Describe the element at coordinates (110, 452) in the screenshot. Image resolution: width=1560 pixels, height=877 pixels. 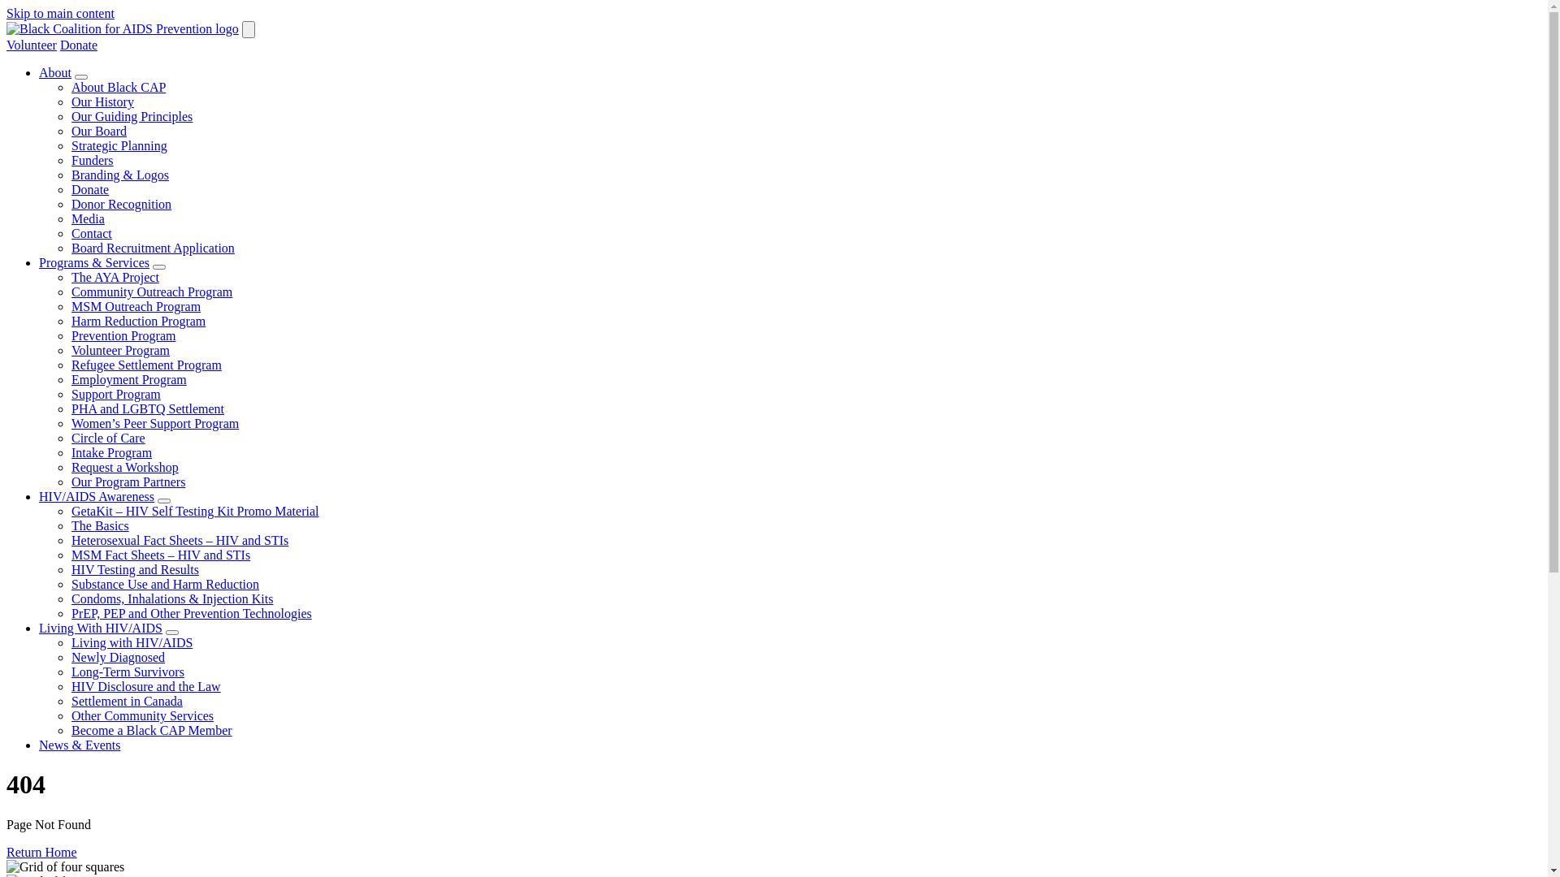
I see `'Intake Program'` at that location.